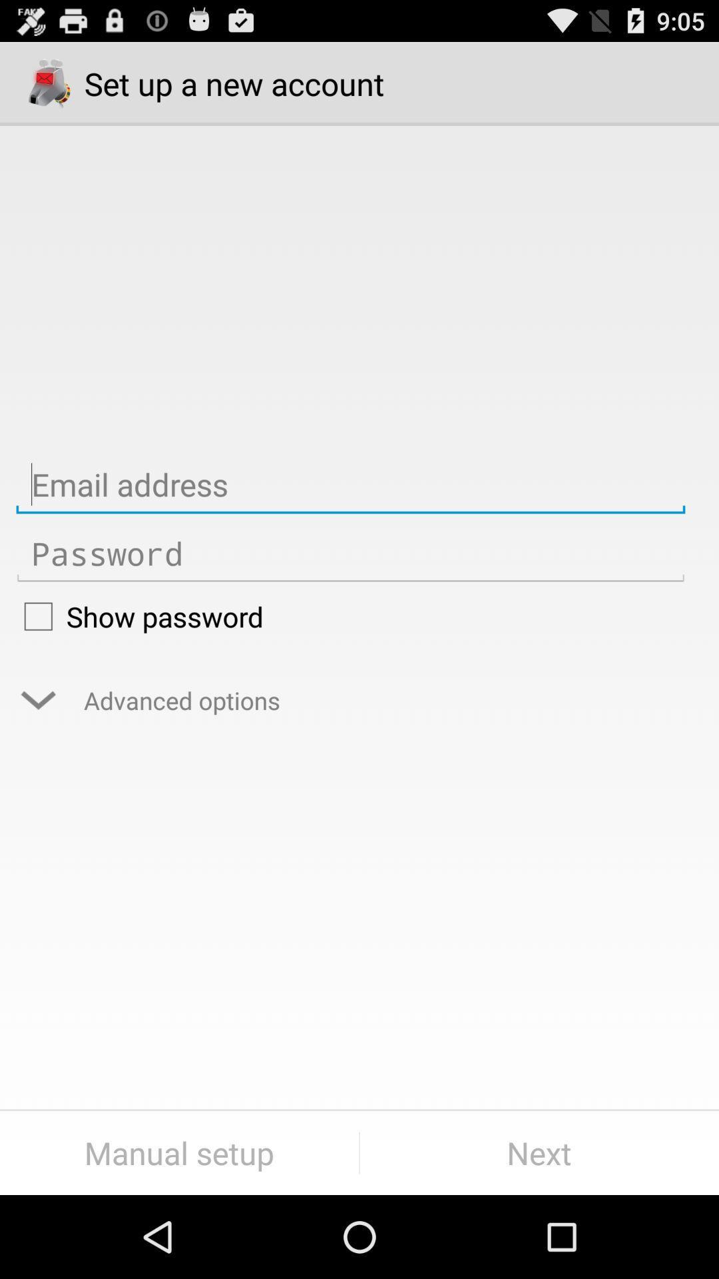  What do you see at coordinates (178, 1152) in the screenshot?
I see `manual setup` at bounding box center [178, 1152].